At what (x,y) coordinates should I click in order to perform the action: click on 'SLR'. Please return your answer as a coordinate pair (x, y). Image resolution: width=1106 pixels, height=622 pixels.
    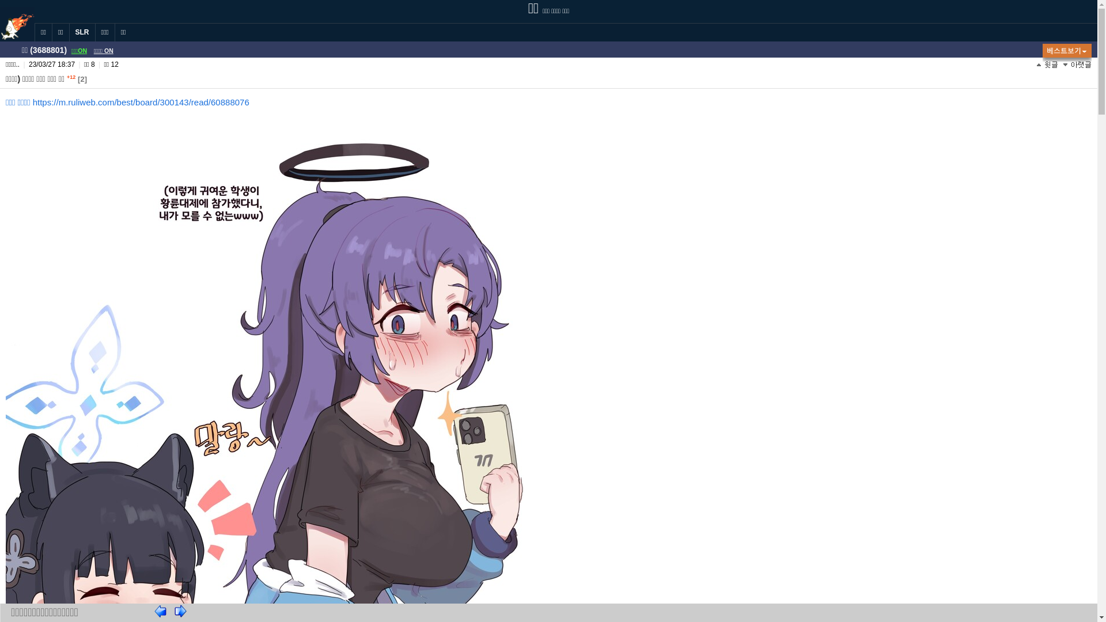
    Looking at the image, I should click on (81, 32).